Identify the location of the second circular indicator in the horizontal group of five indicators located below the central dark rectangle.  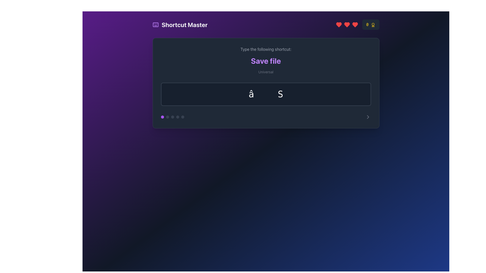
(167, 117).